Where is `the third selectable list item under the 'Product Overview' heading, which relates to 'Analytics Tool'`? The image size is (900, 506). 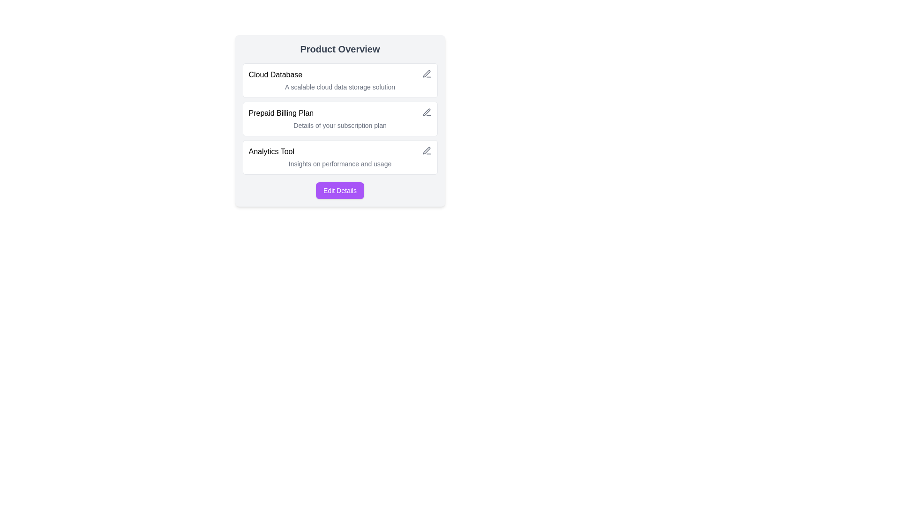
the third selectable list item under the 'Product Overview' heading, which relates to 'Analytics Tool' is located at coordinates (339, 156).